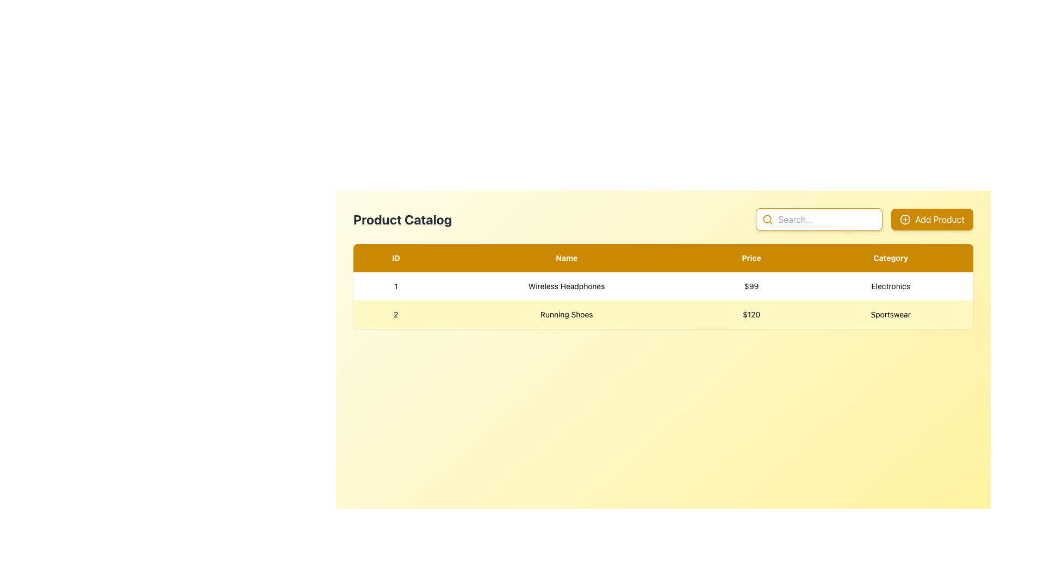 Image resolution: width=1044 pixels, height=587 pixels. I want to click on displayed text from the text label showing '$120' in black text, which is located in the Price column of the Running Shoes row, so click(751, 314).